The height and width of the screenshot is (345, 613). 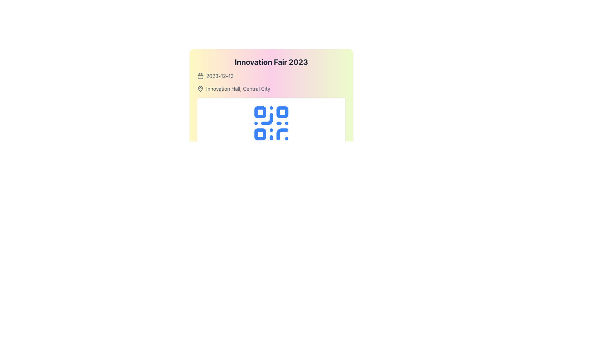 What do you see at coordinates (271, 123) in the screenshot?
I see `the stylized blue QR code symbol located in the center of a white rectangular card with rounded corners, positioned below details about the 'Innovation Fair 2023'` at bounding box center [271, 123].